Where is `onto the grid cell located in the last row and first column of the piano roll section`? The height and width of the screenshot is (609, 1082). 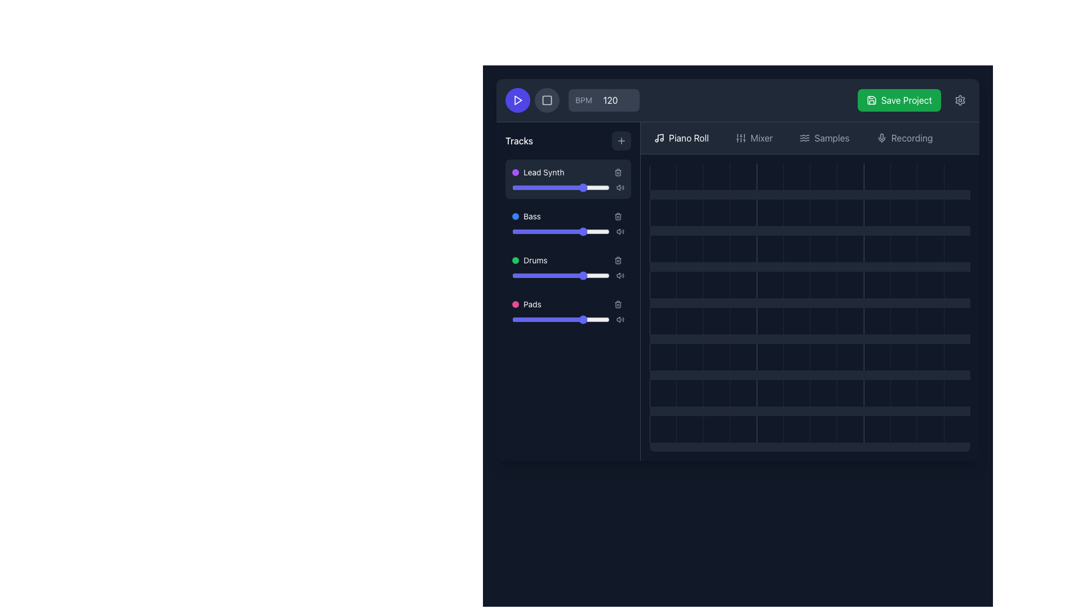
onto the grid cell located in the last row and first column of the piano roll section is located at coordinates (663, 392).